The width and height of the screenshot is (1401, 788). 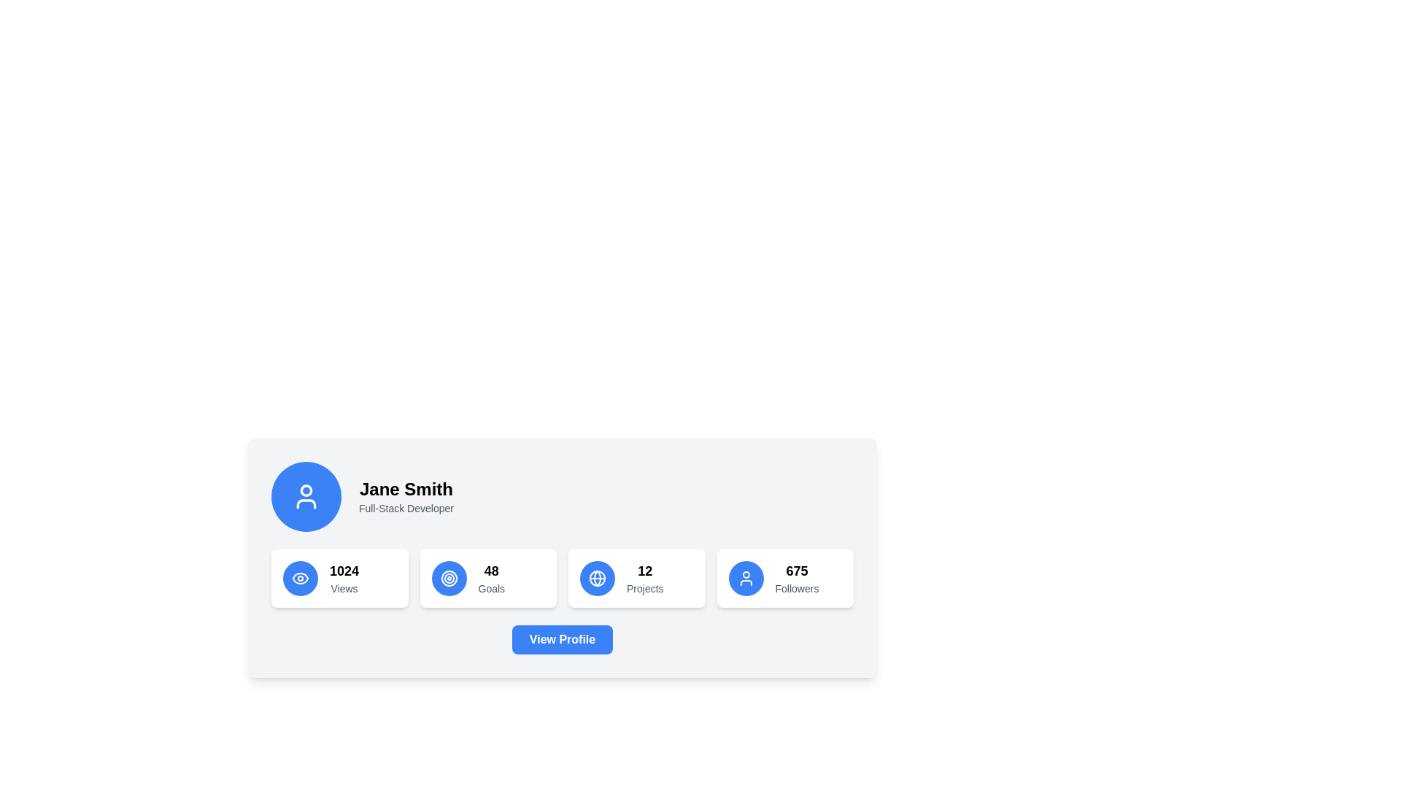 What do you see at coordinates (406, 490) in the screenshot?
I see `the static text element displaying 'Jane Smith', which is styled in bold and larger font, located in the upper section of the card` at bounding box center [406, 490].